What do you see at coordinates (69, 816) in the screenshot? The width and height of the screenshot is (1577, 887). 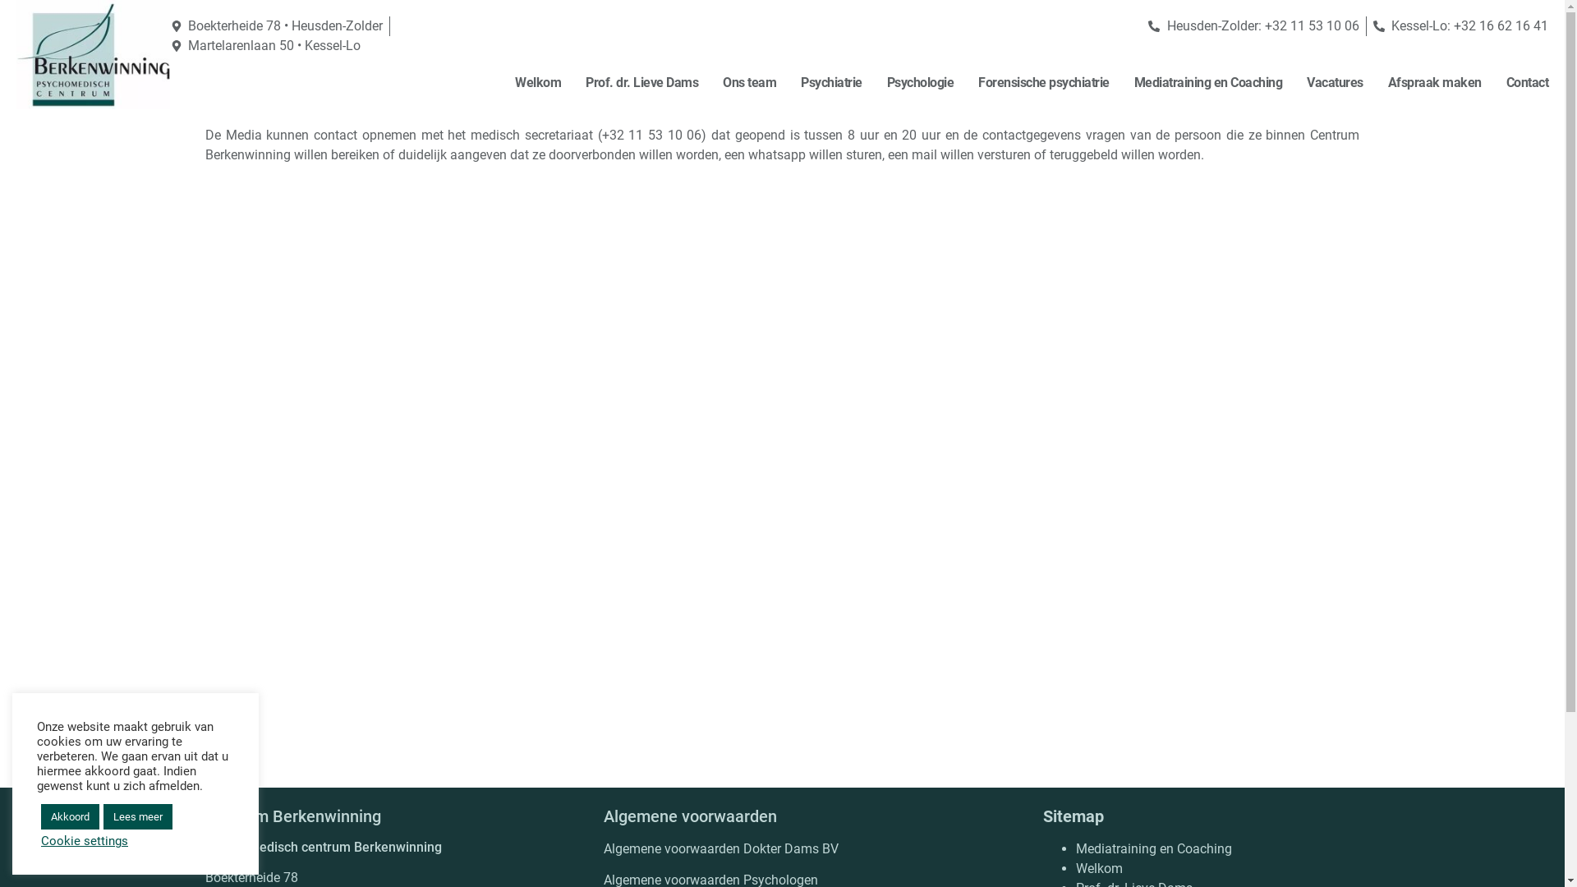 I see `'Akkoord'` at bounding box center [69, 816].